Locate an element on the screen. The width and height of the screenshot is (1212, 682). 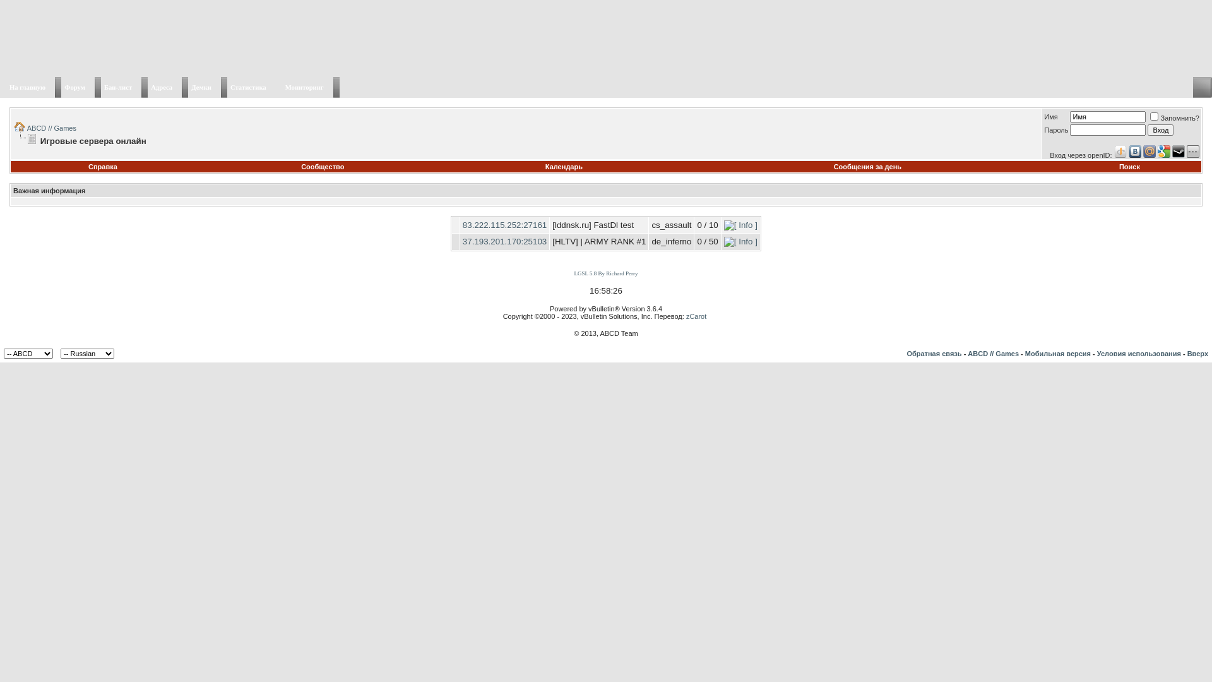
'zCarot' is located at coordinates (696, 316).